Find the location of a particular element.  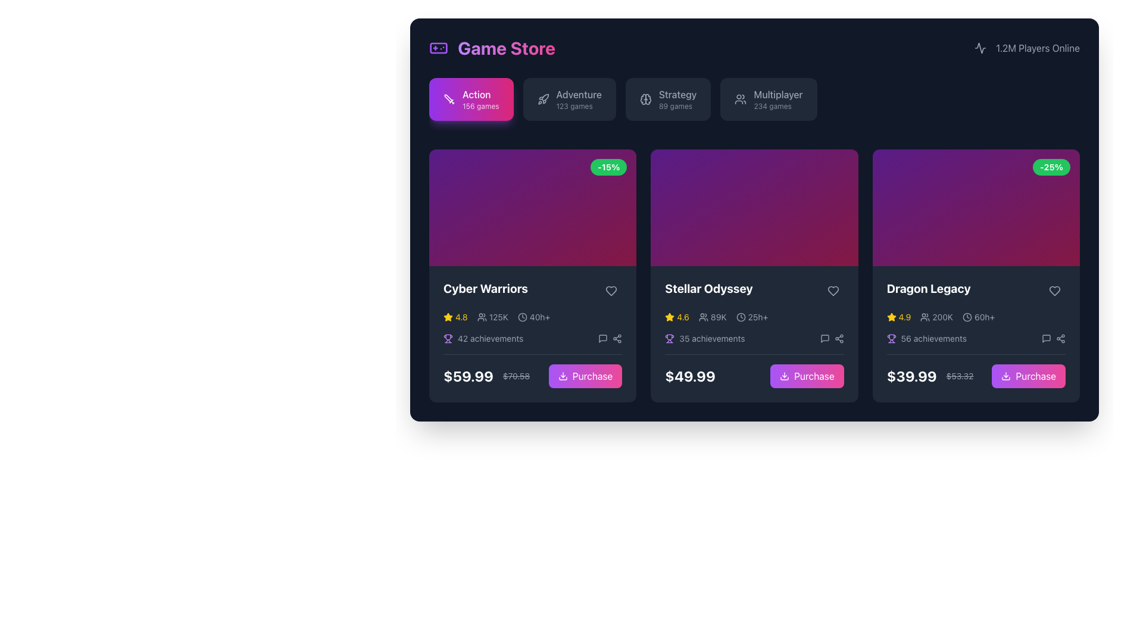

the text display element that shows the current price ($39.99) and previous price ($53.32) of the 'Dragon Legacy' product, located at the bottom right corner of the card, just above the 'Purchase' button is located at coordinates (929, 376).